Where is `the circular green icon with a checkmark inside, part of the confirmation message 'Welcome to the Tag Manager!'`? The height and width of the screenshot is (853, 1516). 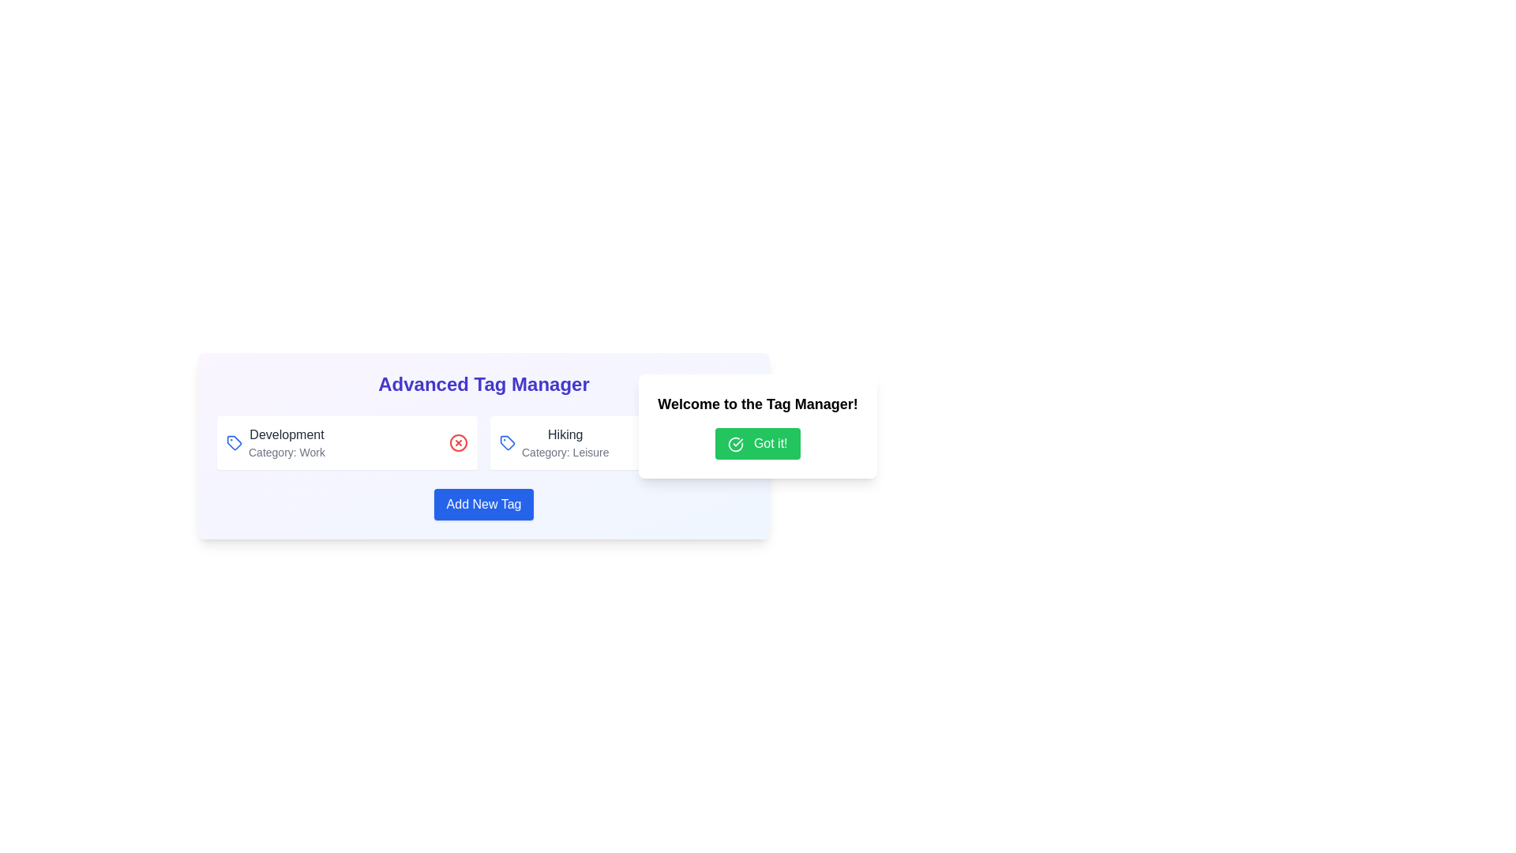 the circular green icon with a checkmark inside, part of the confirmation message 'Welcome to the Tag Manager!' is located at coordinates (735, 444).